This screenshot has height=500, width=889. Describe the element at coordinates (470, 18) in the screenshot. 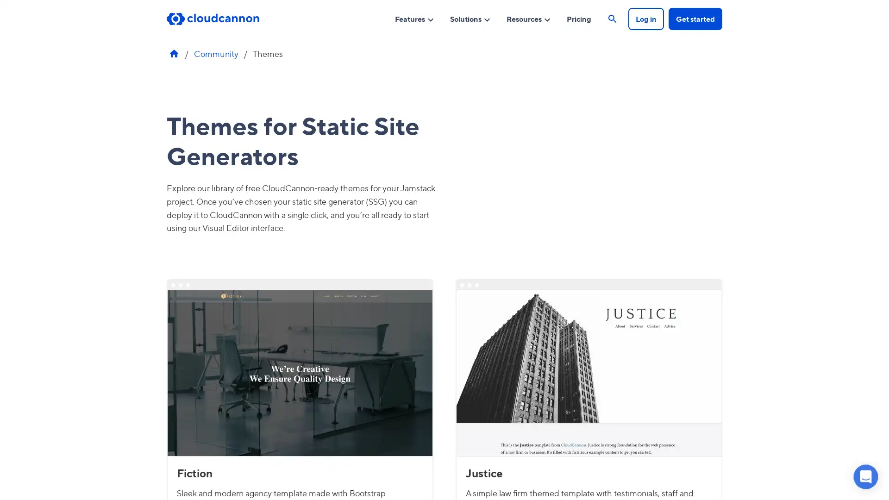

I see `Solutions` at that location.